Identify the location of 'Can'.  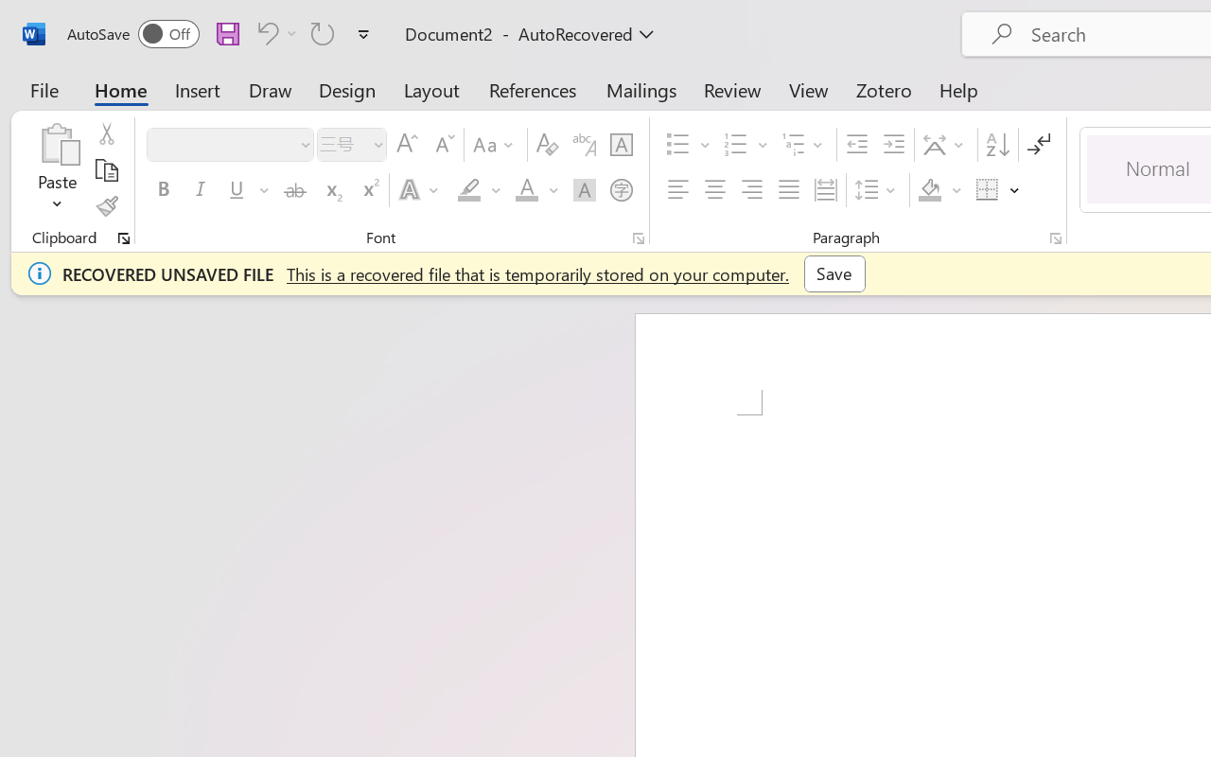
(273, 32).